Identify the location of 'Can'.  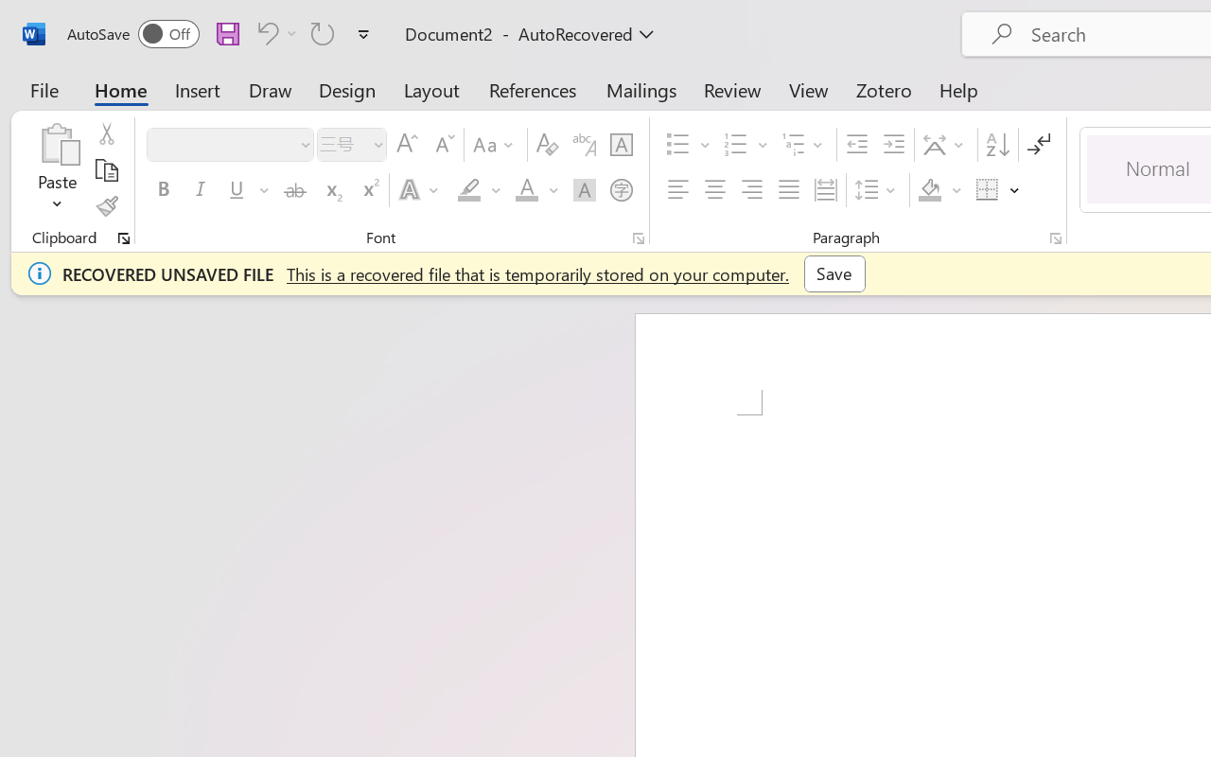
(273, 32).